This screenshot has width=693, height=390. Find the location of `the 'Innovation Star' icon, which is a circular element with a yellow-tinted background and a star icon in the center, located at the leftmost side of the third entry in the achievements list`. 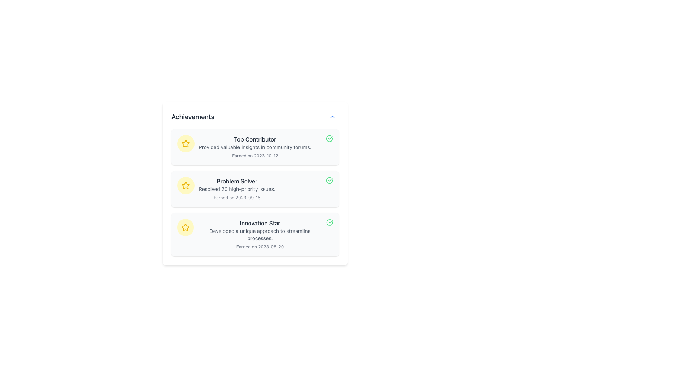

the 'Innovation Star' icon, which is a circular element with a yellow-tinted background and a star icon in the center, located at the leftmost side of the third entry in the achievements list is located at coordinates (186, 227).